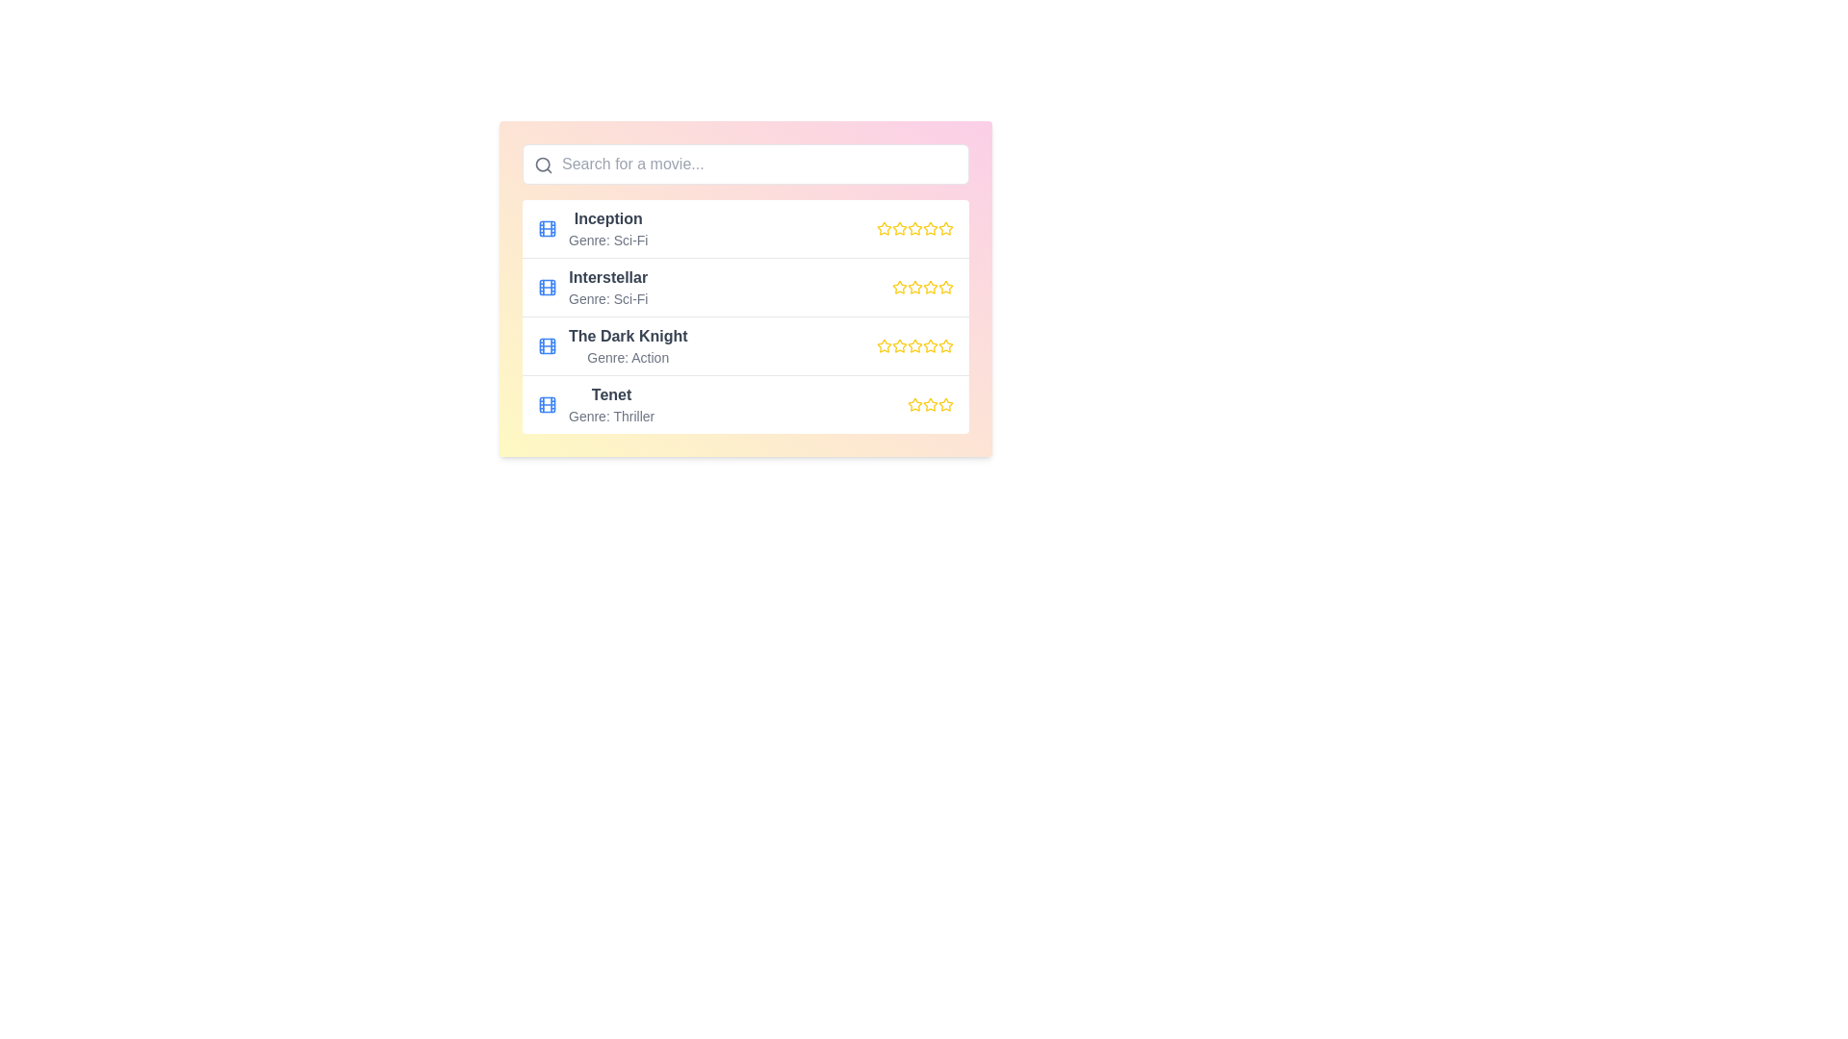 Image resolution: width=1848 pixels, height=1039 pixels. What do you see at coordinates (946, 344) in the screenshot?
I see `the fourth star icon in the rating widget for the movie 'The Dark Knight'` at bounding box center [946, 344].